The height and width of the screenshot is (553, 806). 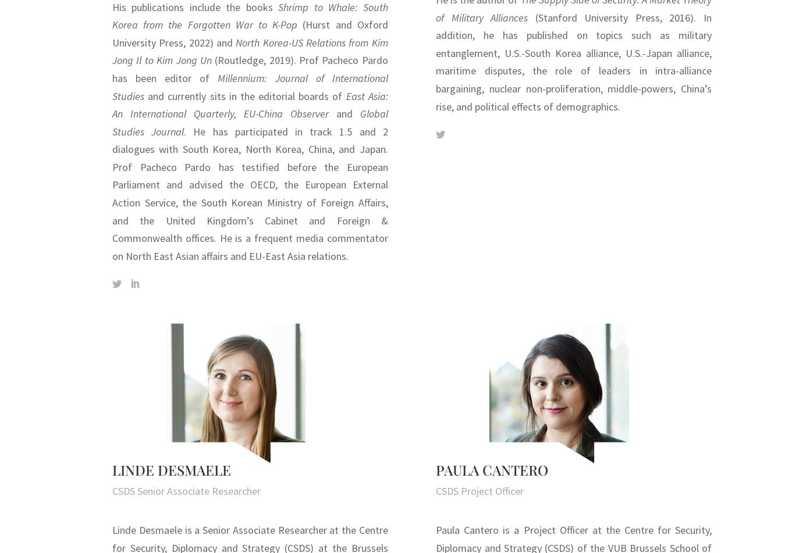 What do you see at coordinates (249, 122) in the screenshot?
I see `'Global Studies Journal'` at bounding box center [249, 122].